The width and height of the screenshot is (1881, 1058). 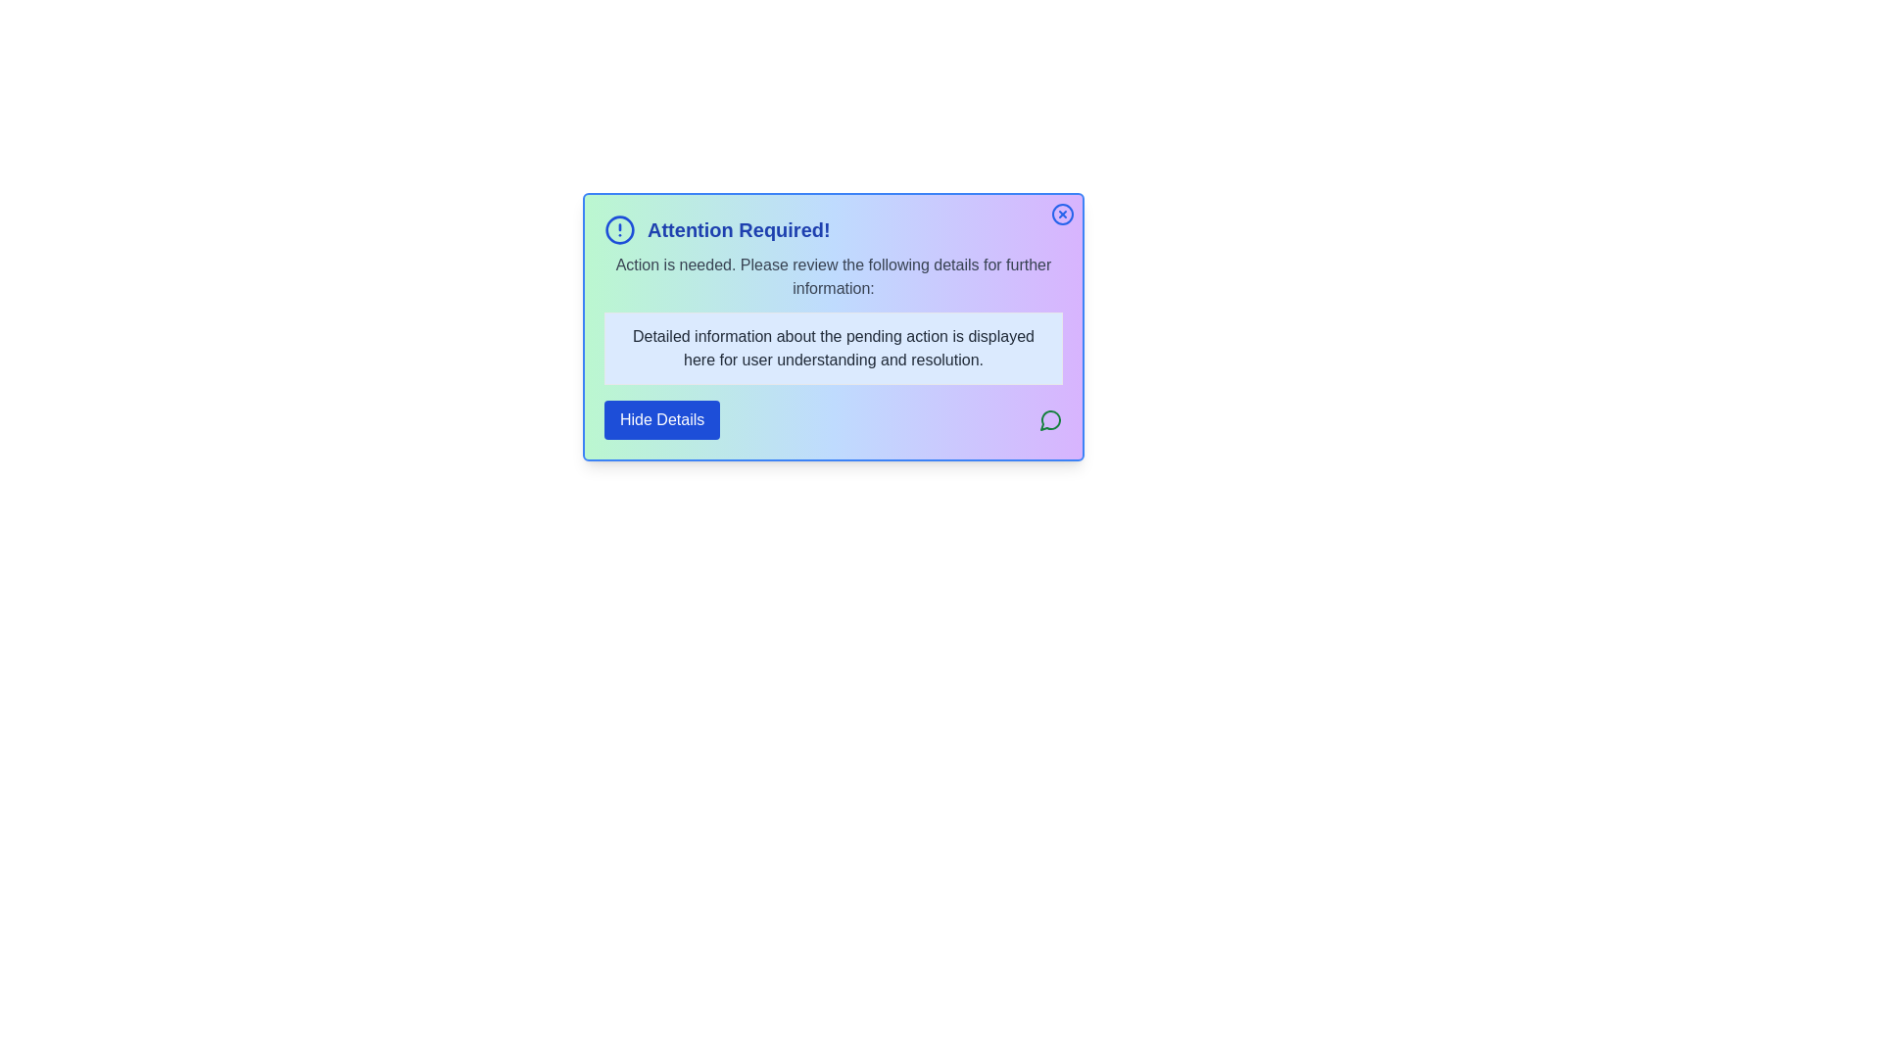 What do you see at coordinates (1050, 418) in the screenshot?
I see `the message icon in the bottom-right corner of the alert box` at bounding box center [1050, 418].